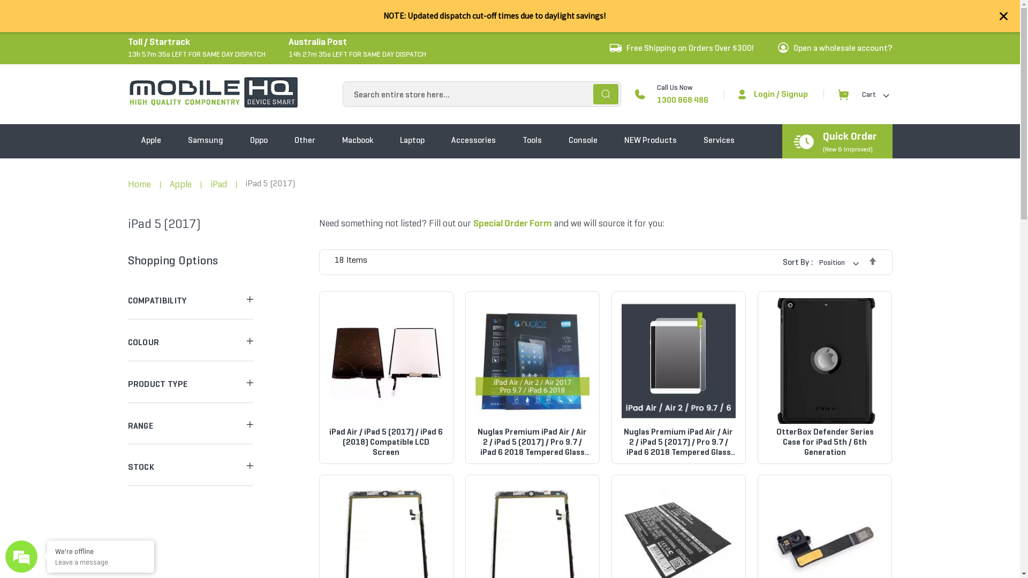 This screenshot has width=1028, height=578. I want to click on 'Samsung', so click(206, 108).